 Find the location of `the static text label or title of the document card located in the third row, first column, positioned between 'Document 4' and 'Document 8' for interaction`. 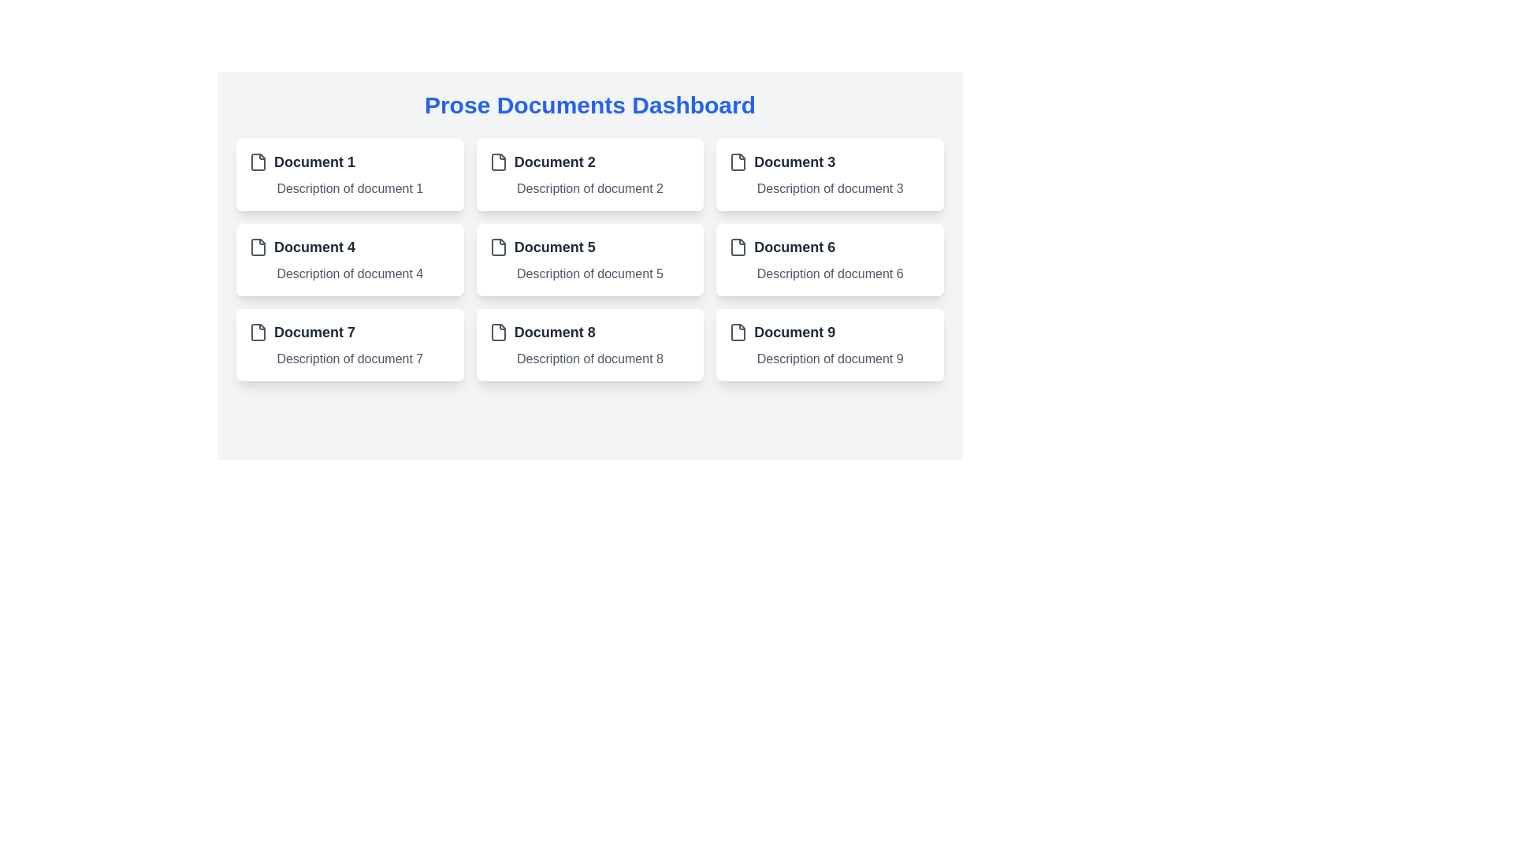

the static text label or title of the document card located in the third row, first column, positioned between 'Document 4' and 'Document 8' for interaction is located at coordinates (314, 331).